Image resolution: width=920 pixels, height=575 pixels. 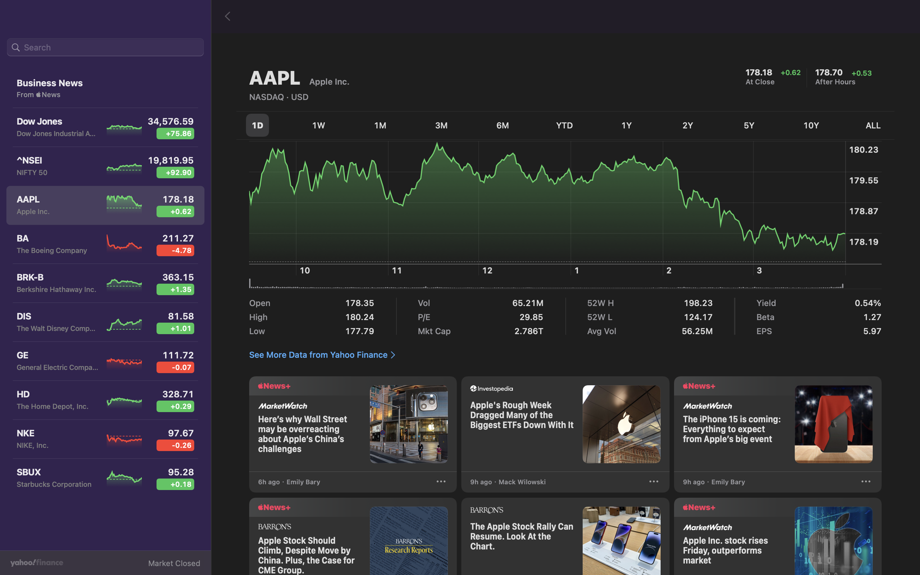 What do you see at coordinates (865, 483) in the screenshot?
I see `the "3 dots" option for additional actions` at bounding box center [865, 483].